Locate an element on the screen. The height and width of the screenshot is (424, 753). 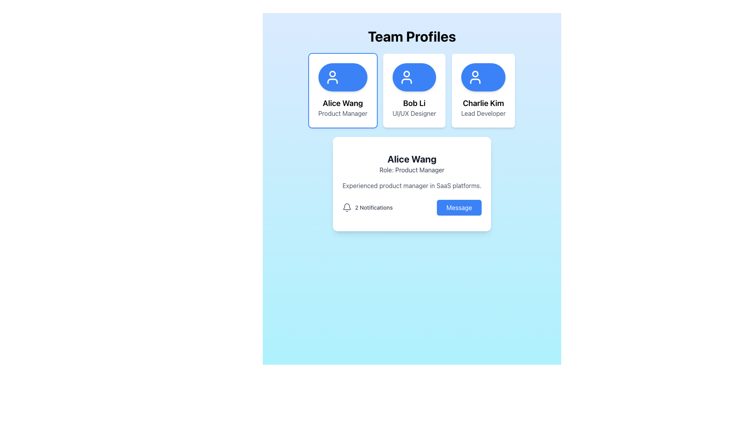
the text label that specifies the role or position of the user described in the card, located under the bold heading 'Alice Wang' and above the description text is located at coordinates (411, 169).